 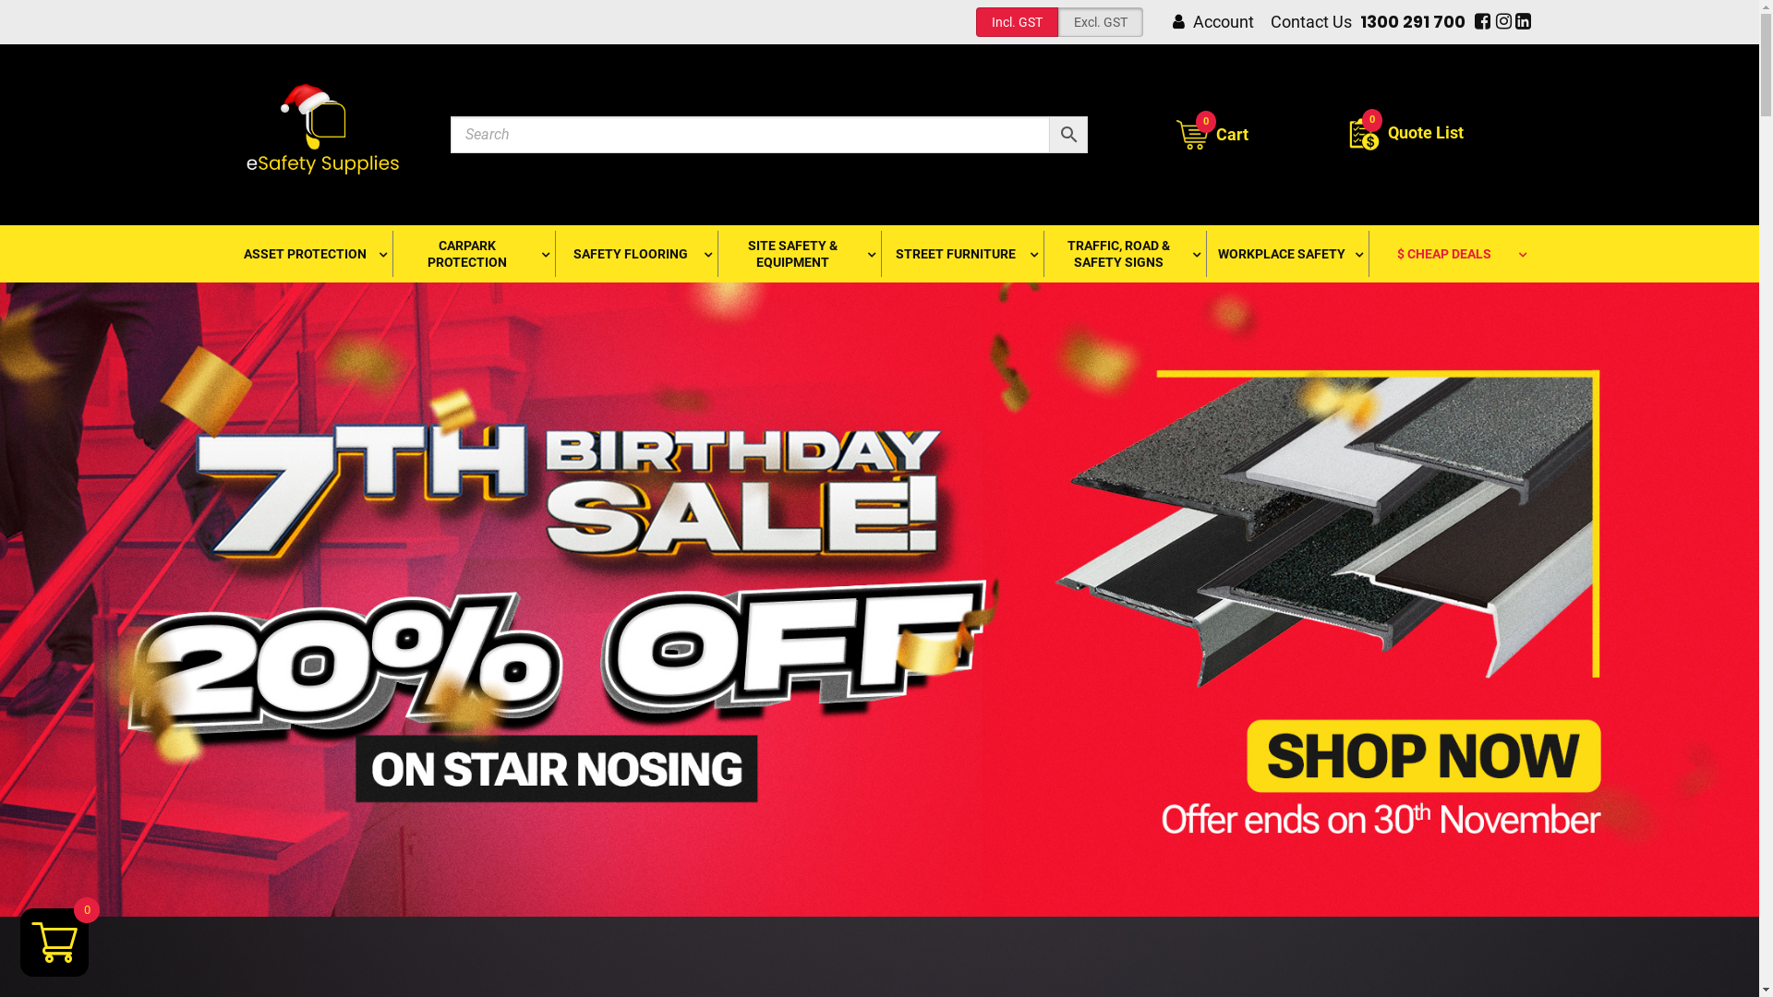 What do you see at coordinates (960, 253) in the screenshot?
I see `'STREET FURNITURE'` at bounding box center [960, 253].